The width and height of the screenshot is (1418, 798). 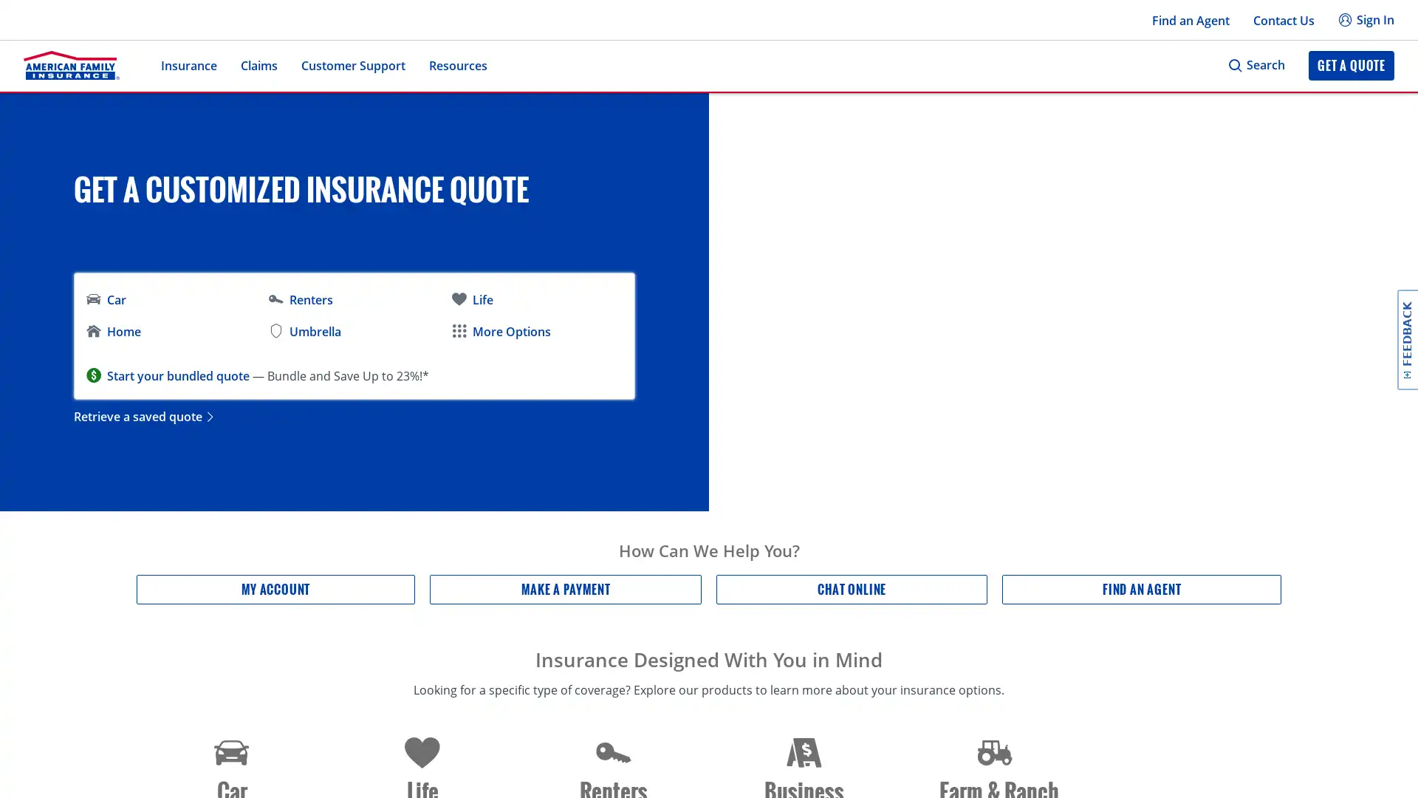 I want to click on Search, so click(x=1256, y=64).